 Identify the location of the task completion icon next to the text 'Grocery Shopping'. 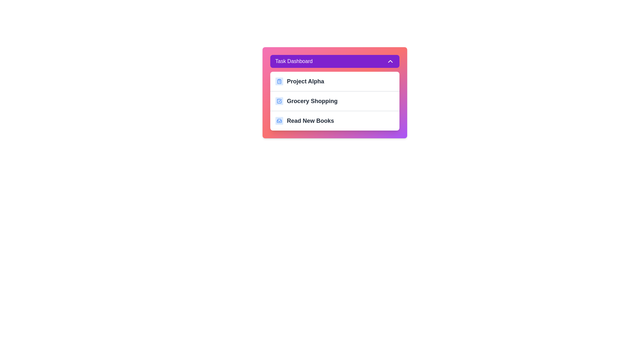
(279, 101).